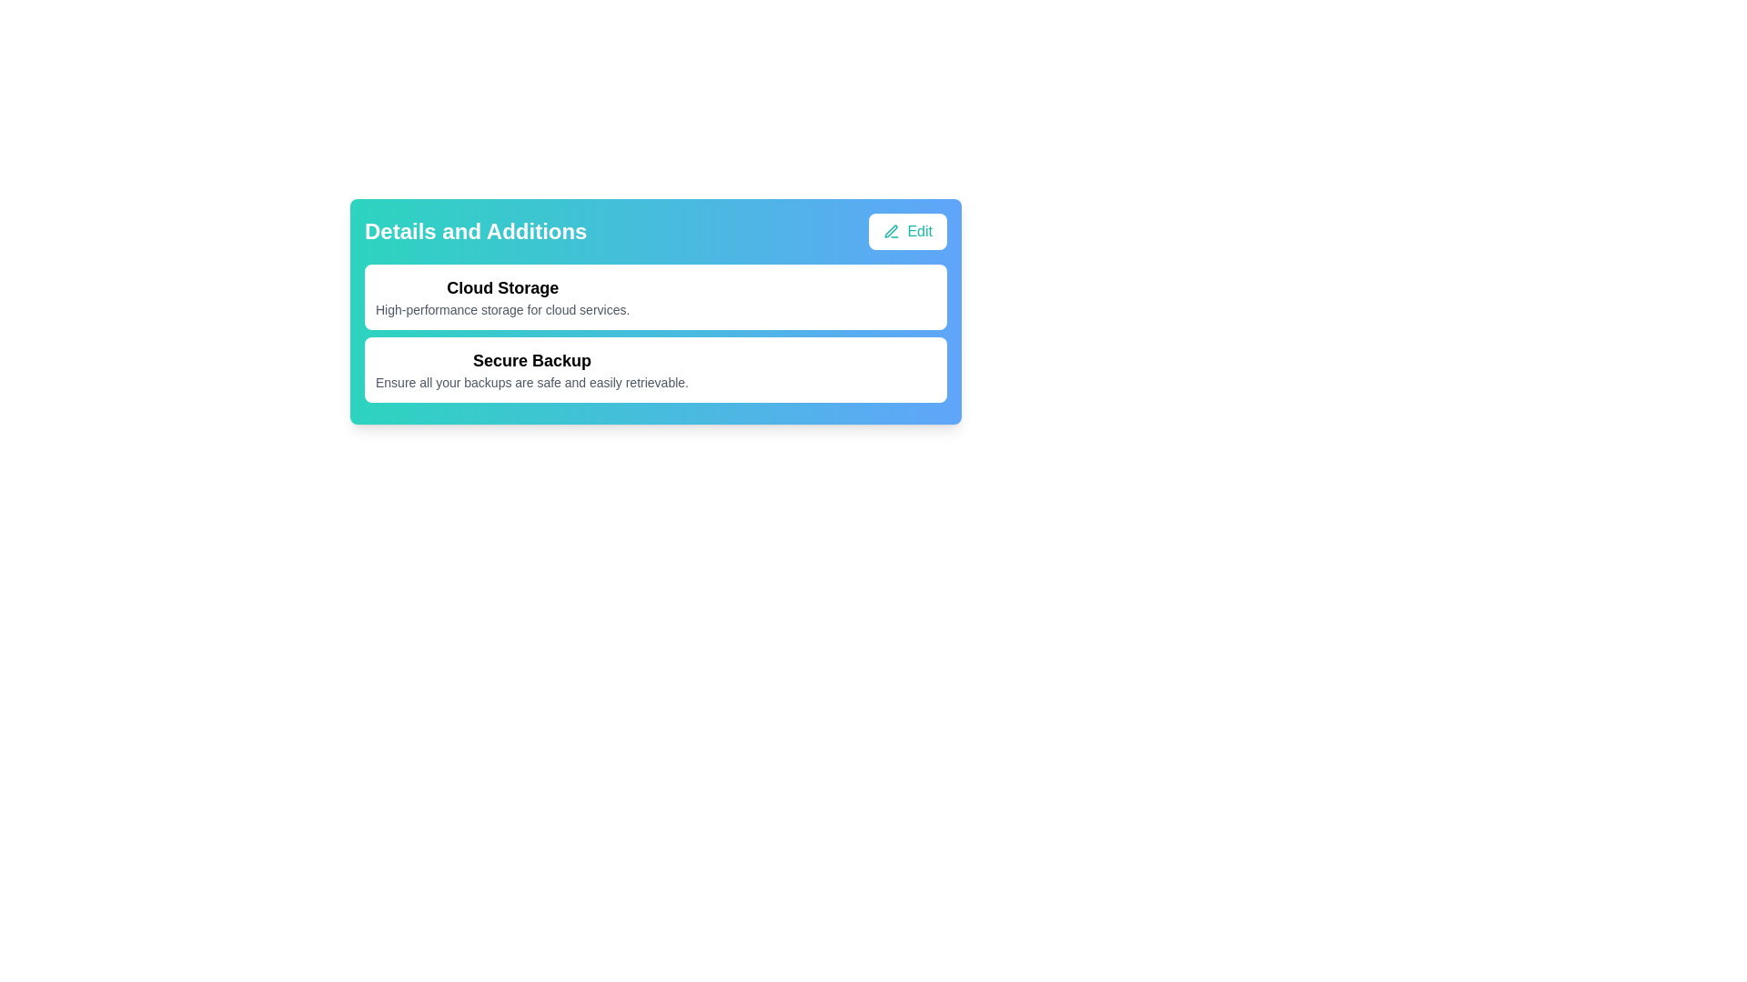 The image size is (1747, 982). I want to click on the 'Edit' text label, which is styled in teal and located, so click(920, 230).